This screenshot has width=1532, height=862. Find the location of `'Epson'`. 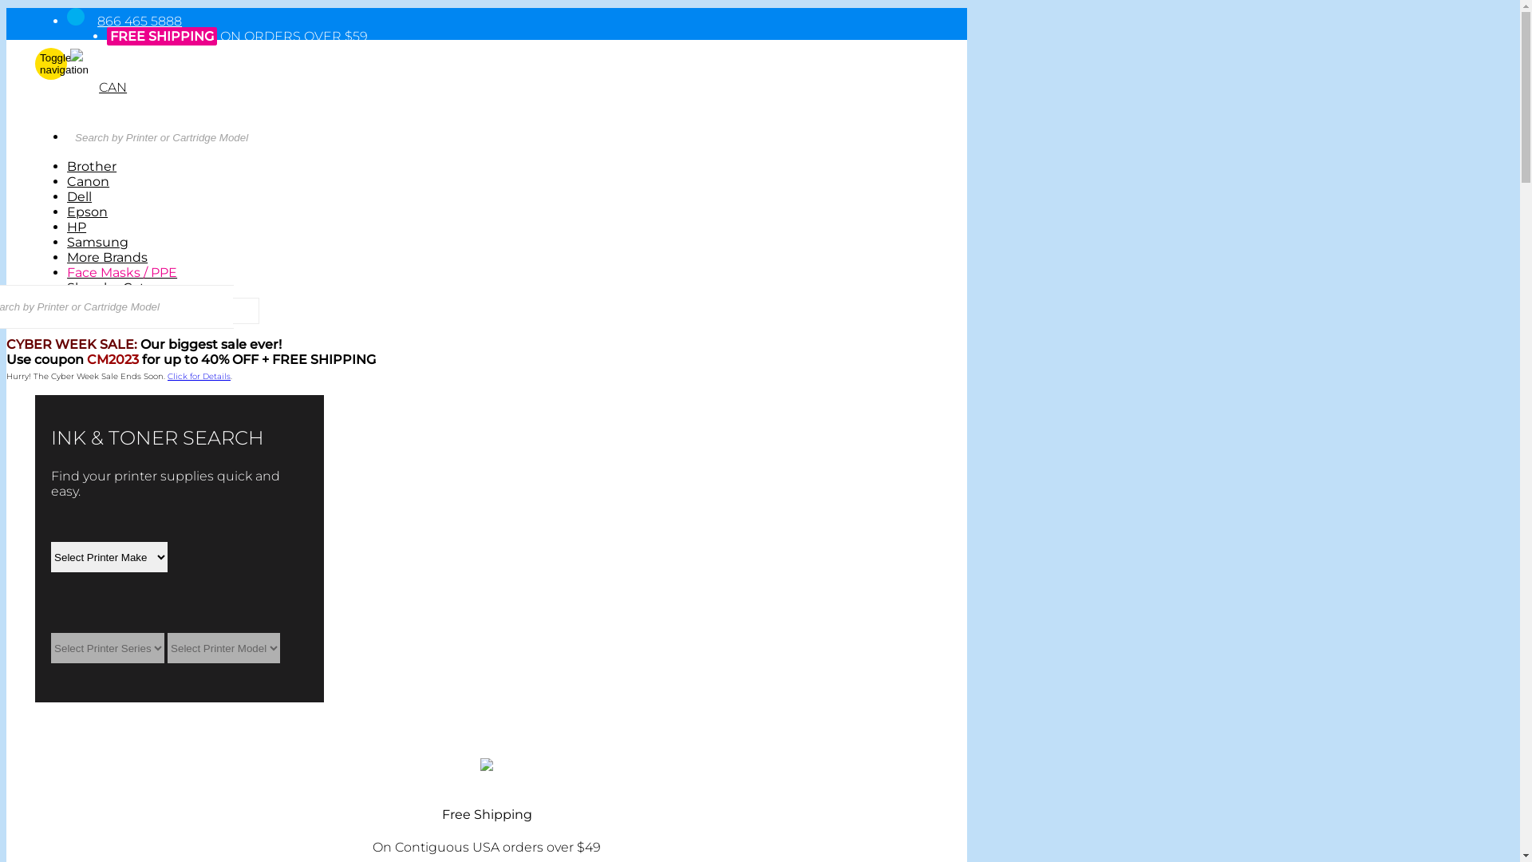

'Epson' is located at coordinates (86, 211).